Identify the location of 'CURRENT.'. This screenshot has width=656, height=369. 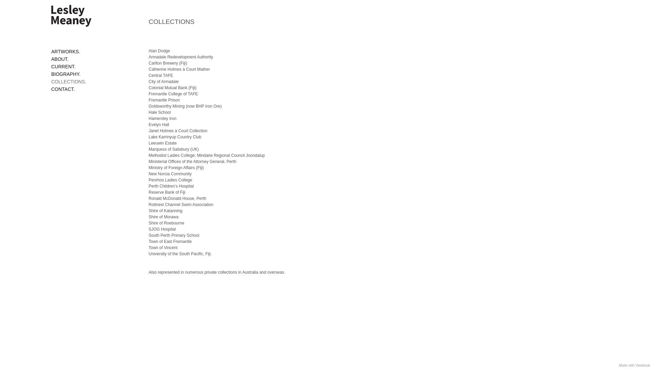
(63, 67).